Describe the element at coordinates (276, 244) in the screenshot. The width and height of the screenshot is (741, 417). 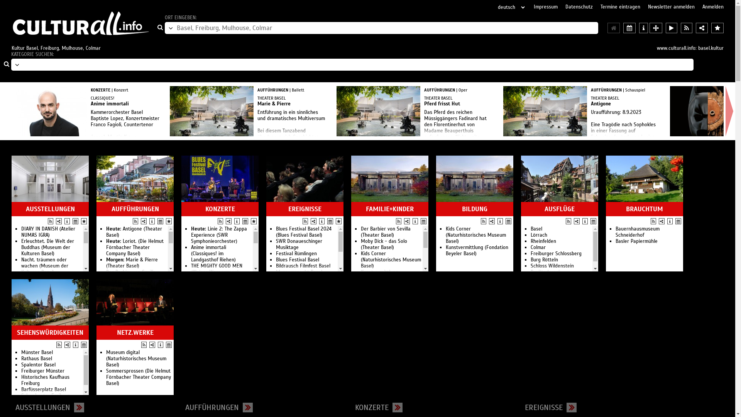
I see `'SWR Donaueschinger Musiktage'` at that location.